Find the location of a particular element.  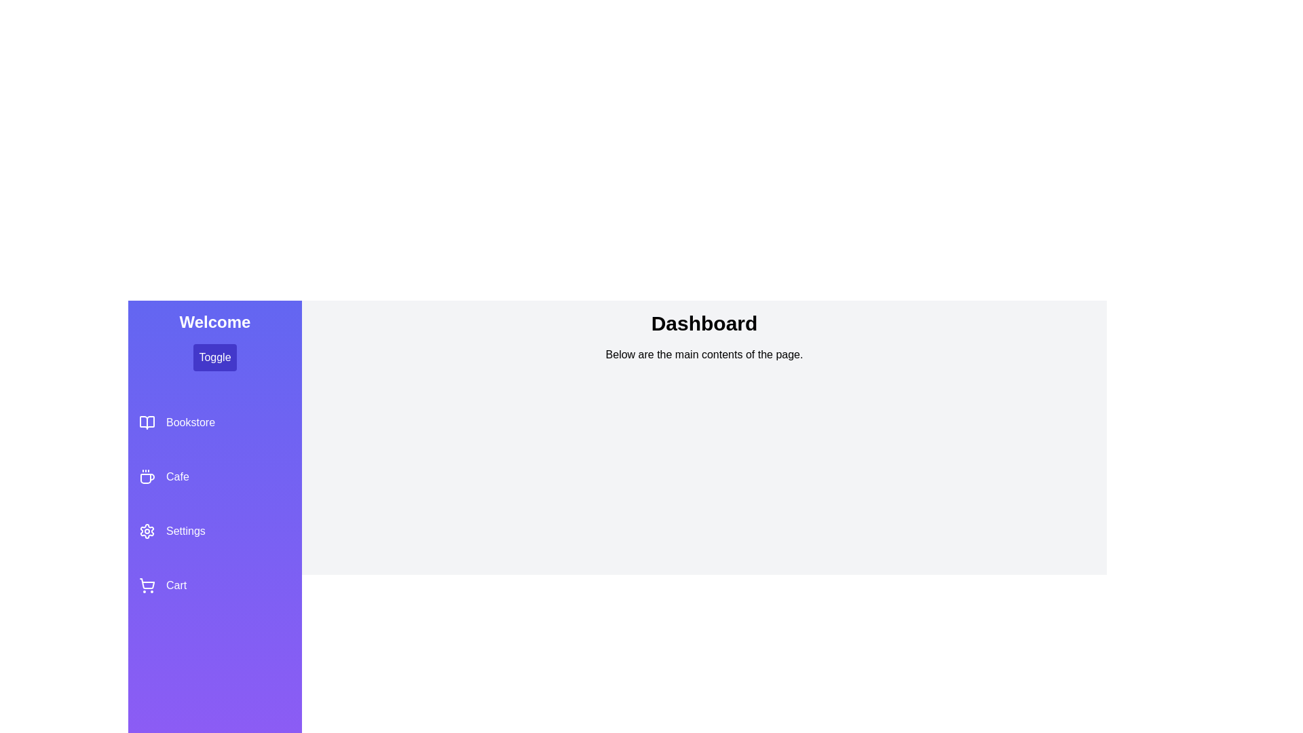

the Bookstore section in the sidebar is located at coordinates (214, 422).